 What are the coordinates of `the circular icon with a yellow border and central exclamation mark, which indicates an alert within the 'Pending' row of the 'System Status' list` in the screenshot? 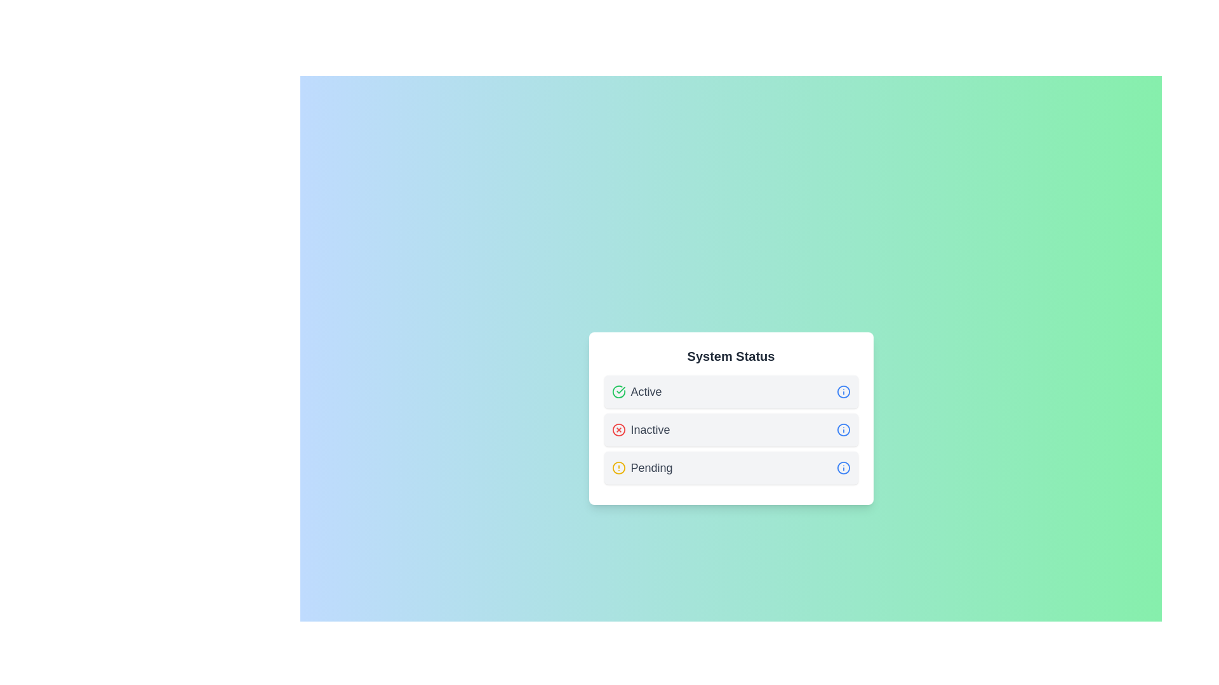 It's located at (618, 467).